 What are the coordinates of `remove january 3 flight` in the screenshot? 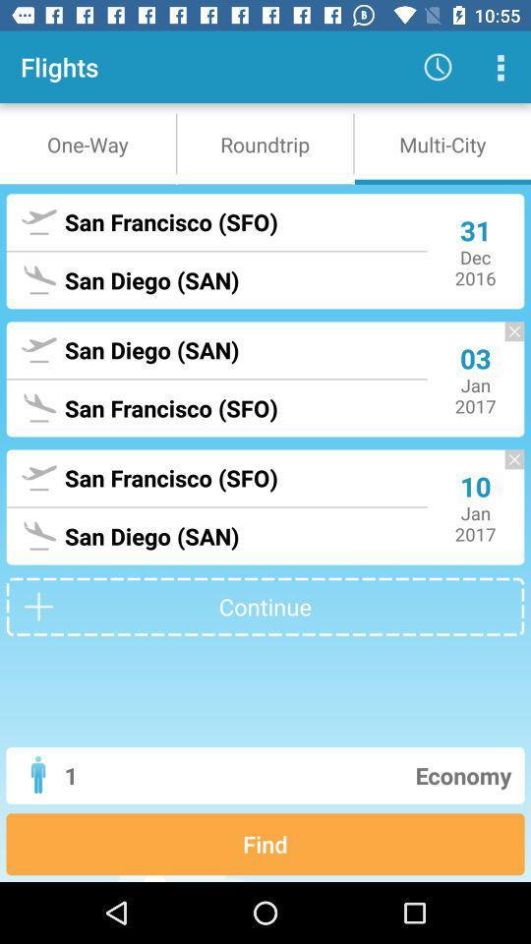 It's located at (504, 341).